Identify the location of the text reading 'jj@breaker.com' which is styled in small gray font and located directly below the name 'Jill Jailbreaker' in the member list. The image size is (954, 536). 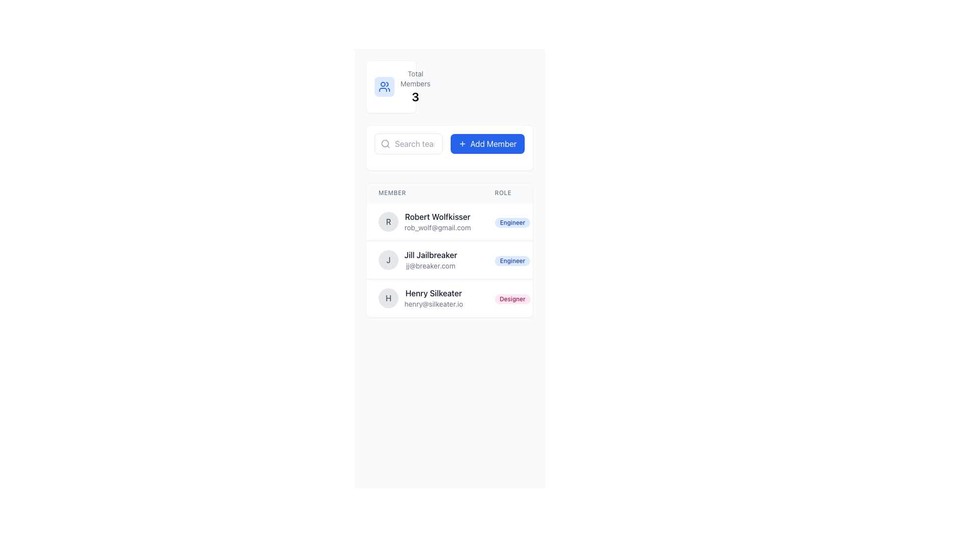
(431, 266).